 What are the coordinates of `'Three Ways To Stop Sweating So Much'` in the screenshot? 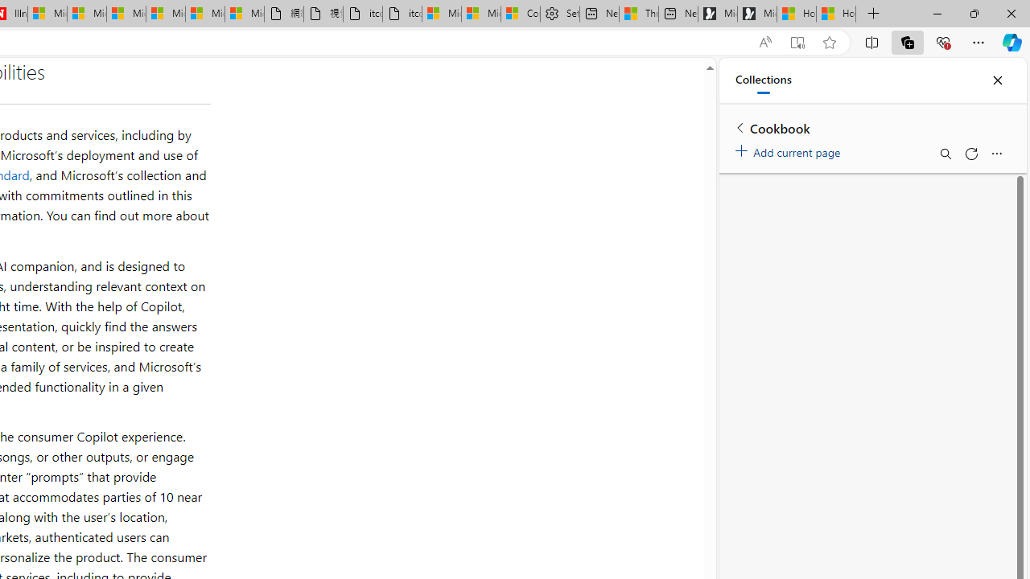 It's located at (638, 14).